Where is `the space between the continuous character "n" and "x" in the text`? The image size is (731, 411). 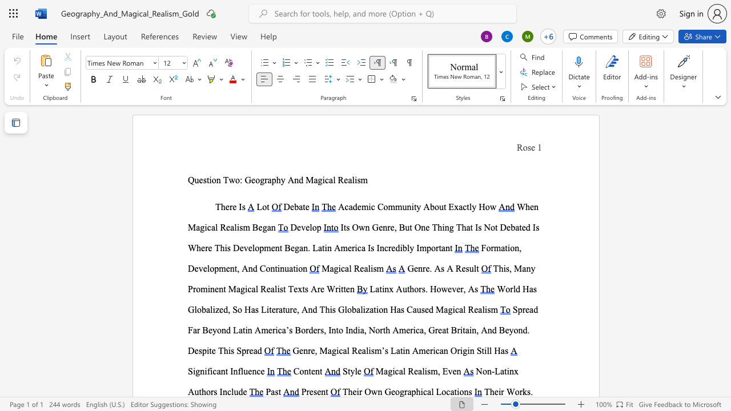 the space between the continuous character "n" and "x" in the text is located at coordinates (513, 371).